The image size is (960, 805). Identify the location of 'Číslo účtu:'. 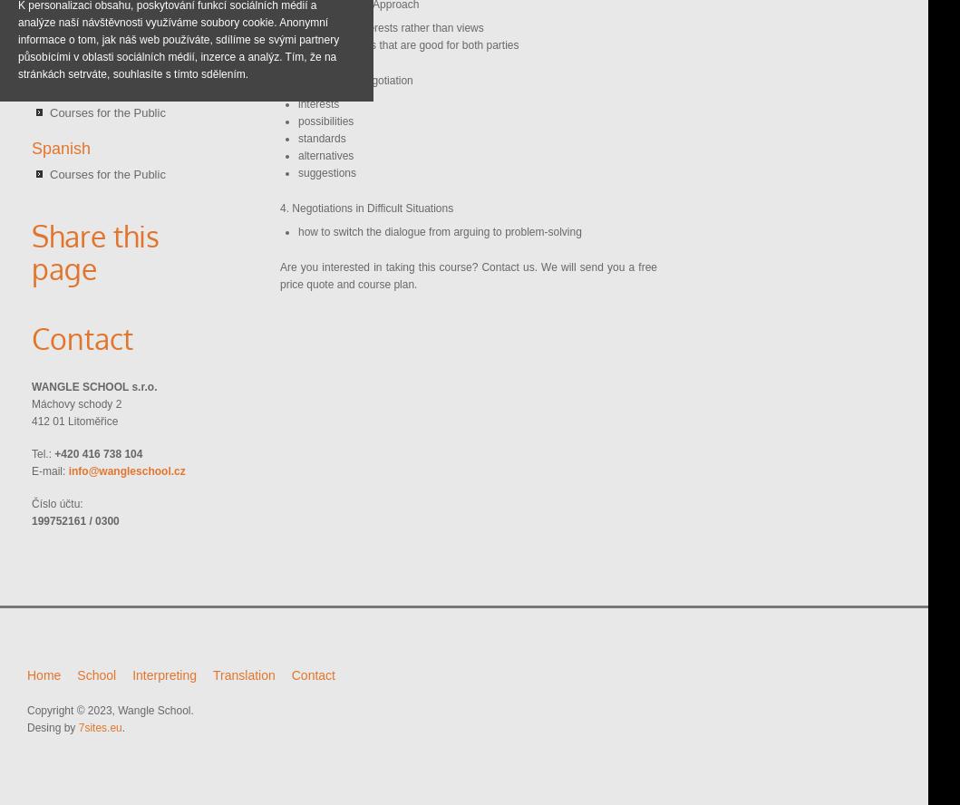
(57, 503).